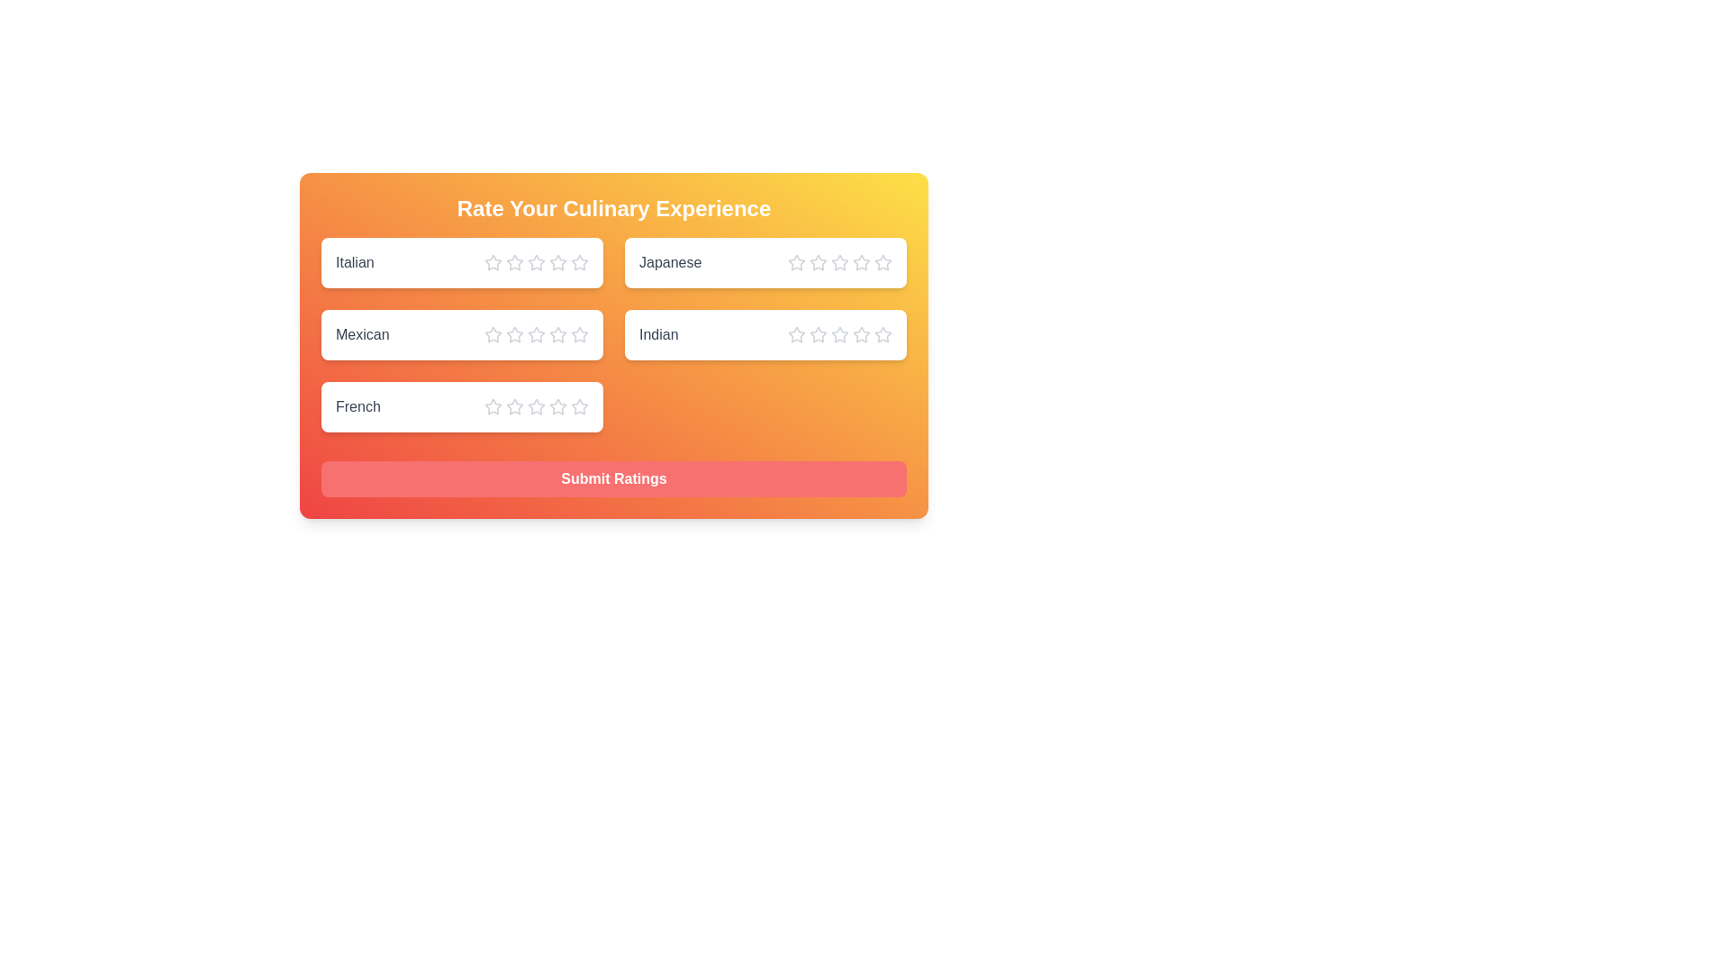  What do you see at coordinates (613, 478) in the screenshot?
I see `the 'Submit Ratings' button to finalize the rating` at bounding box center [613, 478].